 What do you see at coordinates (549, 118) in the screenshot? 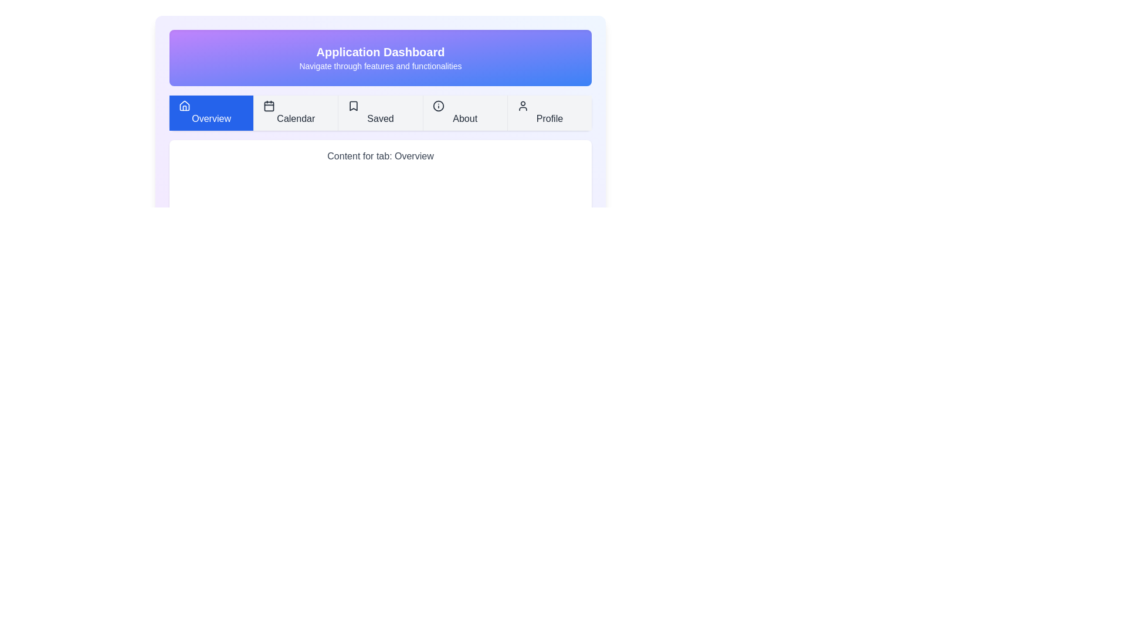
I see `the 'Profile' text label in the horizontal navigation menu` at bounding box center [549, 118].